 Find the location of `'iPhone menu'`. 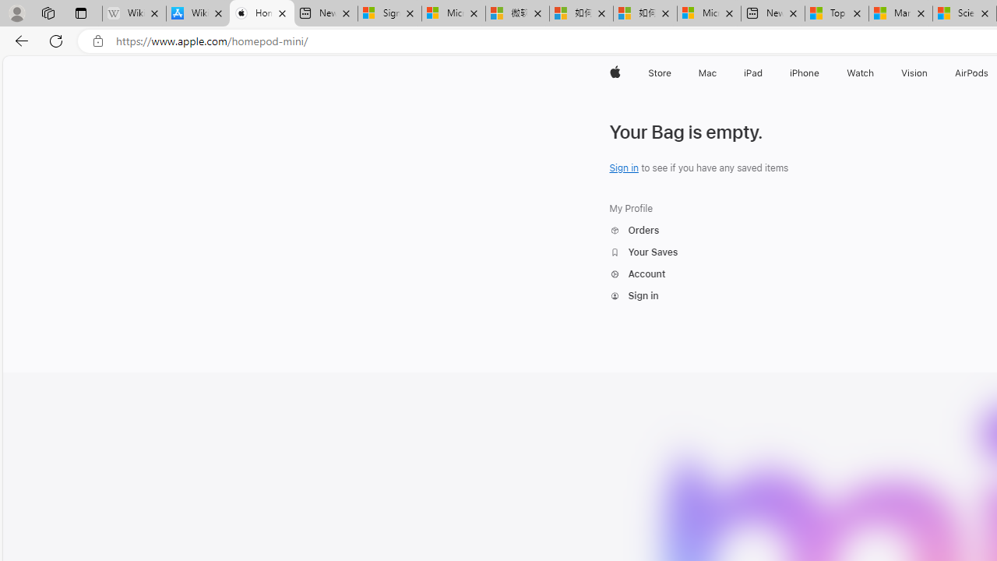

'iPhone menu' is located at coordinates (822, 72).